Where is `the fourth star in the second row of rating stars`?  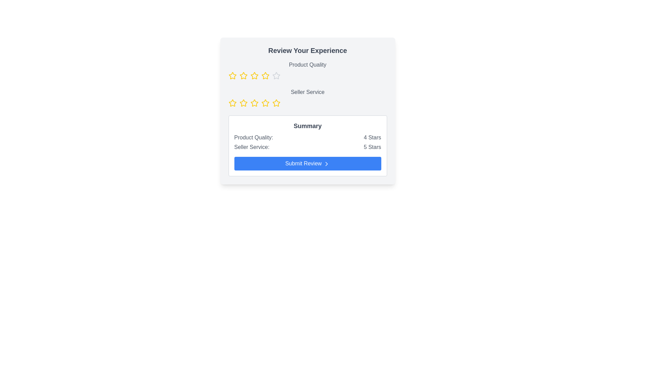
the fourth star in the second row of rating stars is located at coordinates (265, 103).